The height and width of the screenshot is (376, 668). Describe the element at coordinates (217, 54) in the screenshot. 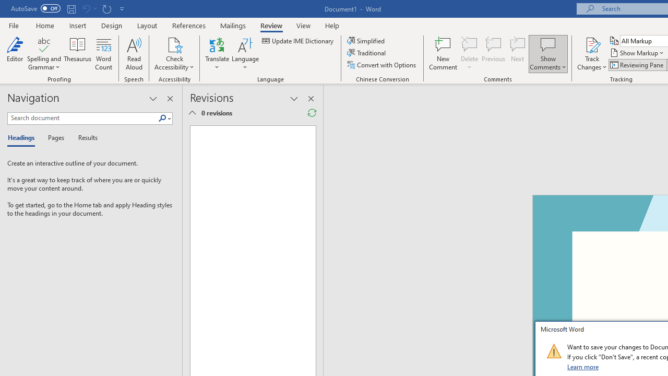

I see `'Translate'` at that location.